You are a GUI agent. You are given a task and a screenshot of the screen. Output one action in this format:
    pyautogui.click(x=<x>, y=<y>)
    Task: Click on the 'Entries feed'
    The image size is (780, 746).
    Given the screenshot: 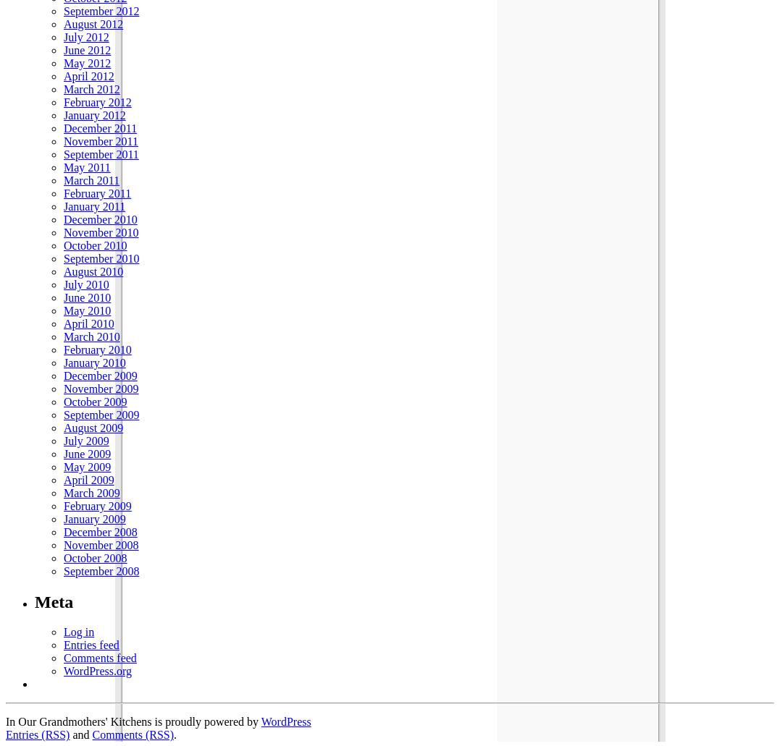 What is the action you would take?
    pyautogui.click(x=91, y=645)
    